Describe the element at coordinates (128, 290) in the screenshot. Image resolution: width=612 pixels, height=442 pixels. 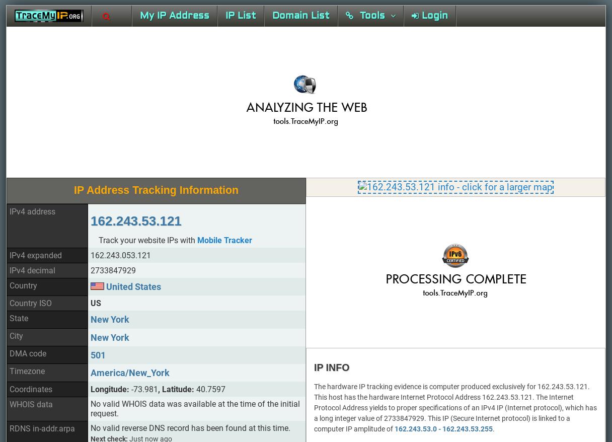
I see `'0'` at that location.